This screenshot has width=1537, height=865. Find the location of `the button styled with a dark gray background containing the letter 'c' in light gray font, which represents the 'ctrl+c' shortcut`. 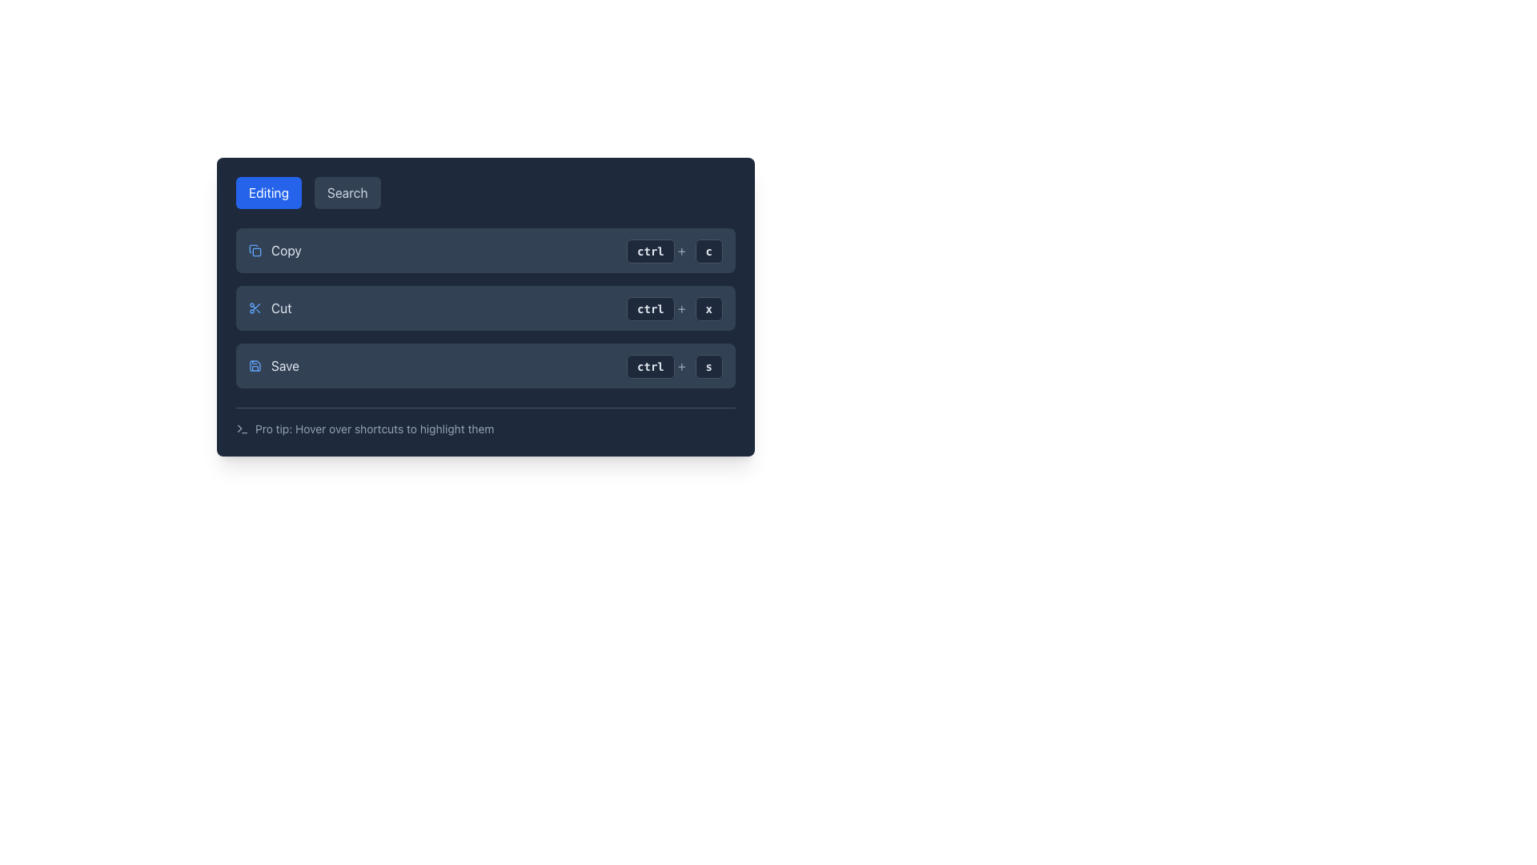

the button styled with a dark gray background containing the letter 'c' in light gray font, which represents the 'ctrl+c' shortcut is located at coordinates (708, 250).